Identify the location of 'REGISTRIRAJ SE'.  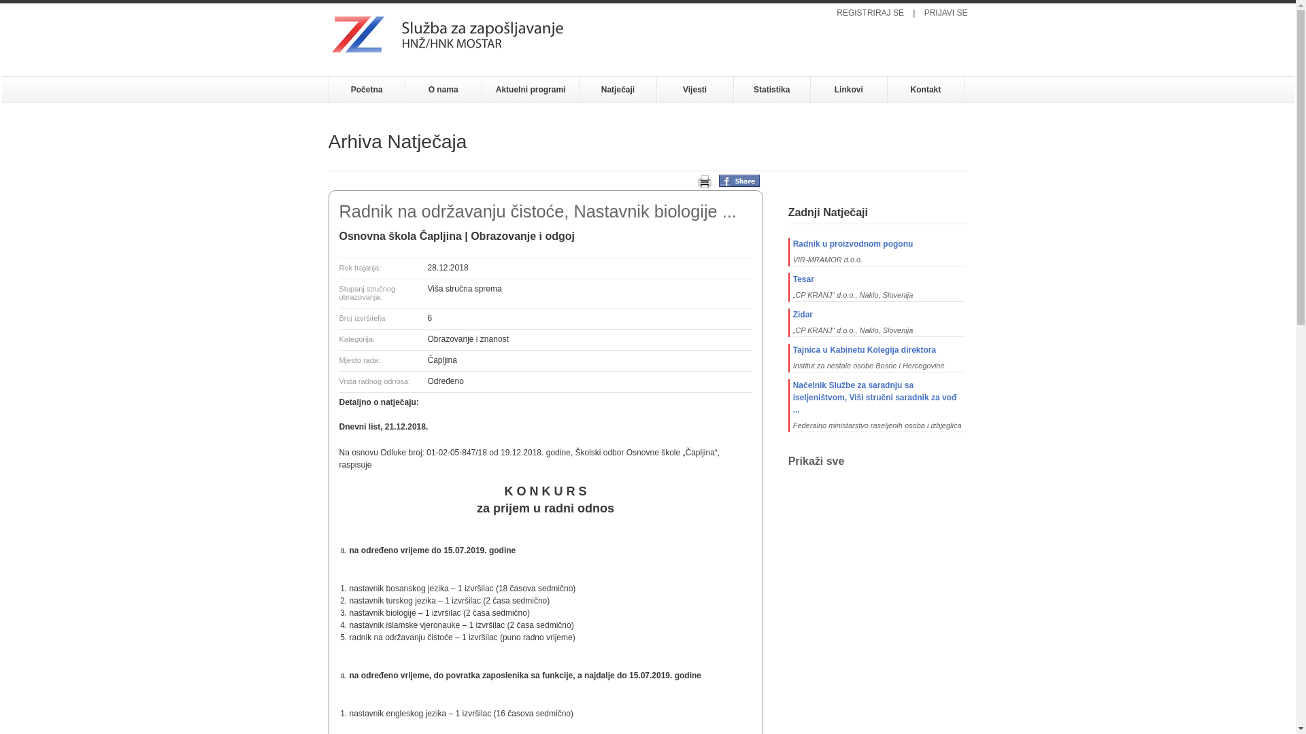
(869, 13).